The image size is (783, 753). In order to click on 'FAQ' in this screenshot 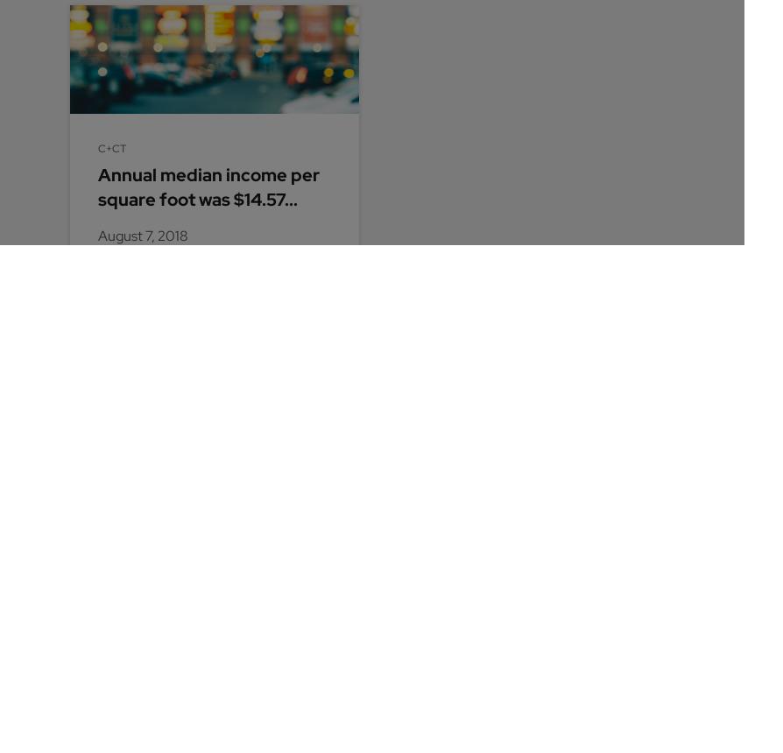, I will do `click(480, 477)`.